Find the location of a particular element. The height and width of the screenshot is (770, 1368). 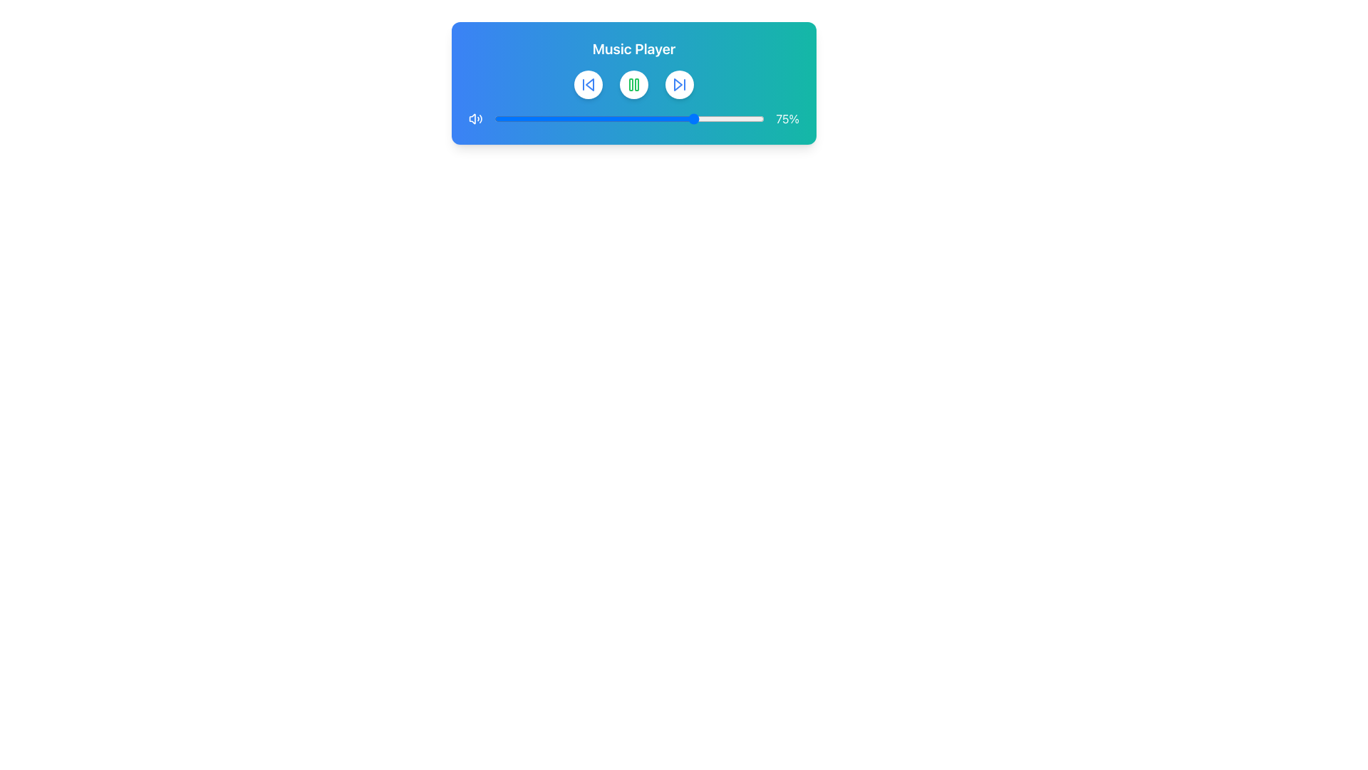

the skip-backward icon button, which is the first icon in the row of control buttons in the music player interface is located at coordinates (588, 85).